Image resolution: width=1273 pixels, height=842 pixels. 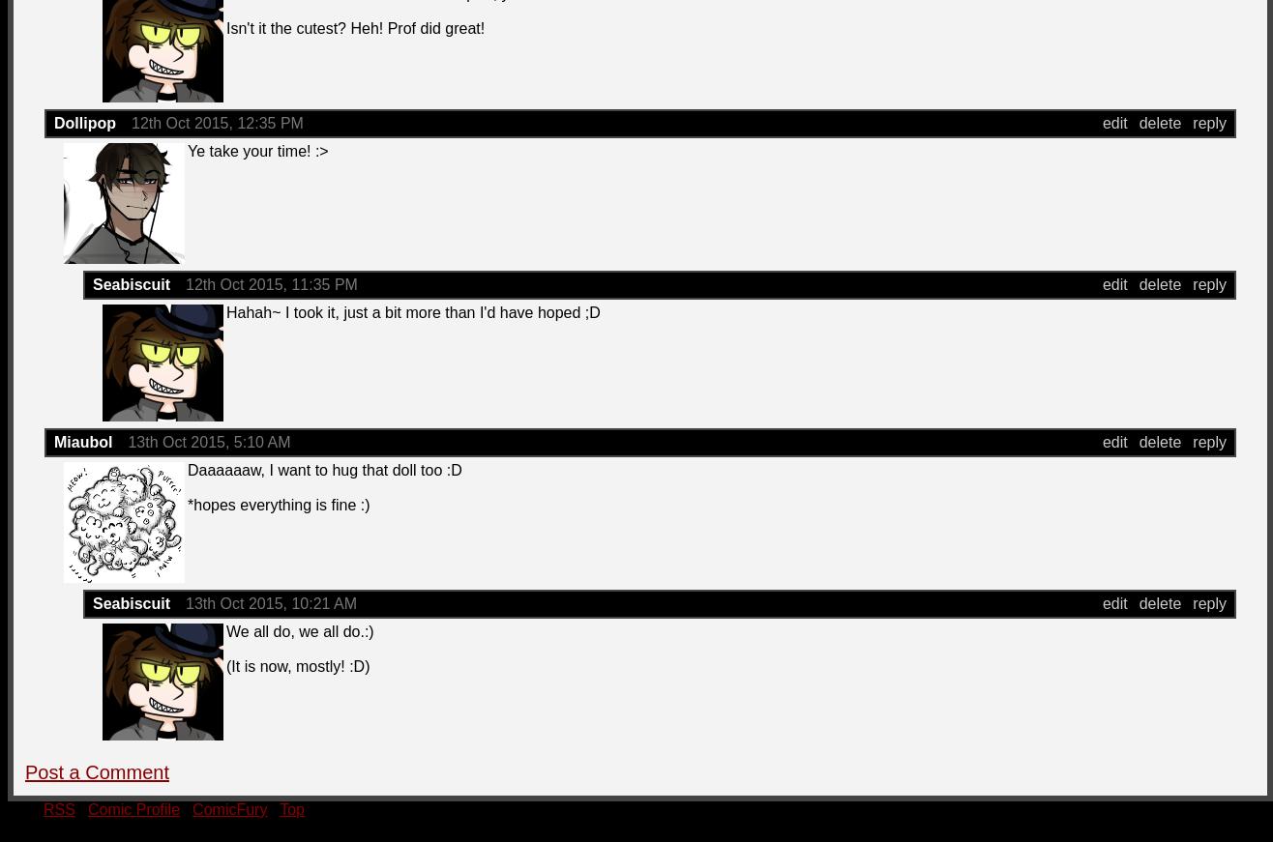 What do you see at coordinates (192, 809) in the screenshot?
I see `'ComicFury'` at bounding box center [192, 809].